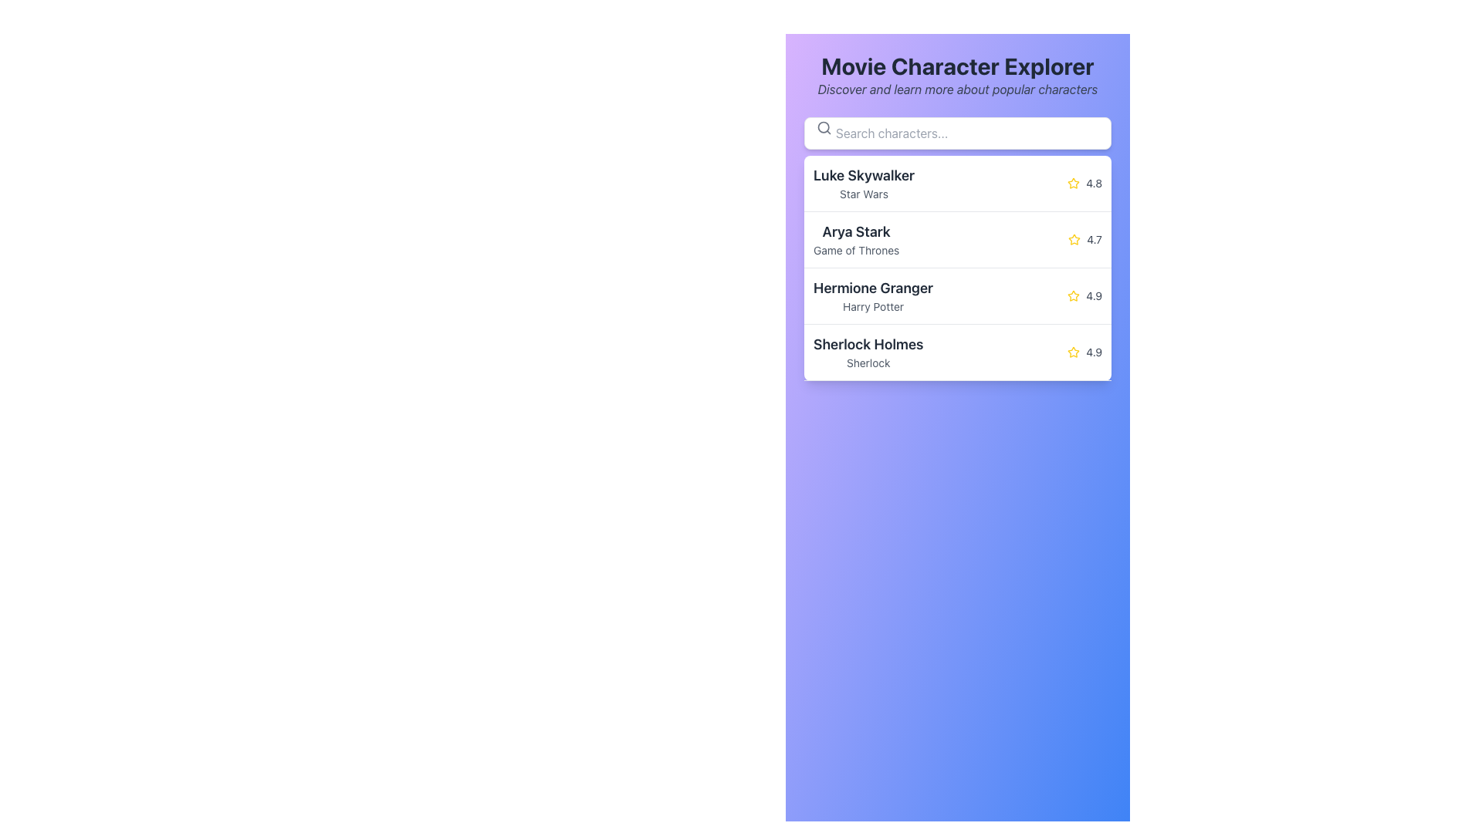 The width and height of the screenshot is (1482, 833). Describe the element at coordinates (956, 89) in the screenshot. I see `static text that says 'Discover and learn more about popular characters', which is located directly beneath the title 'Movie Character Explorer'` at that location.